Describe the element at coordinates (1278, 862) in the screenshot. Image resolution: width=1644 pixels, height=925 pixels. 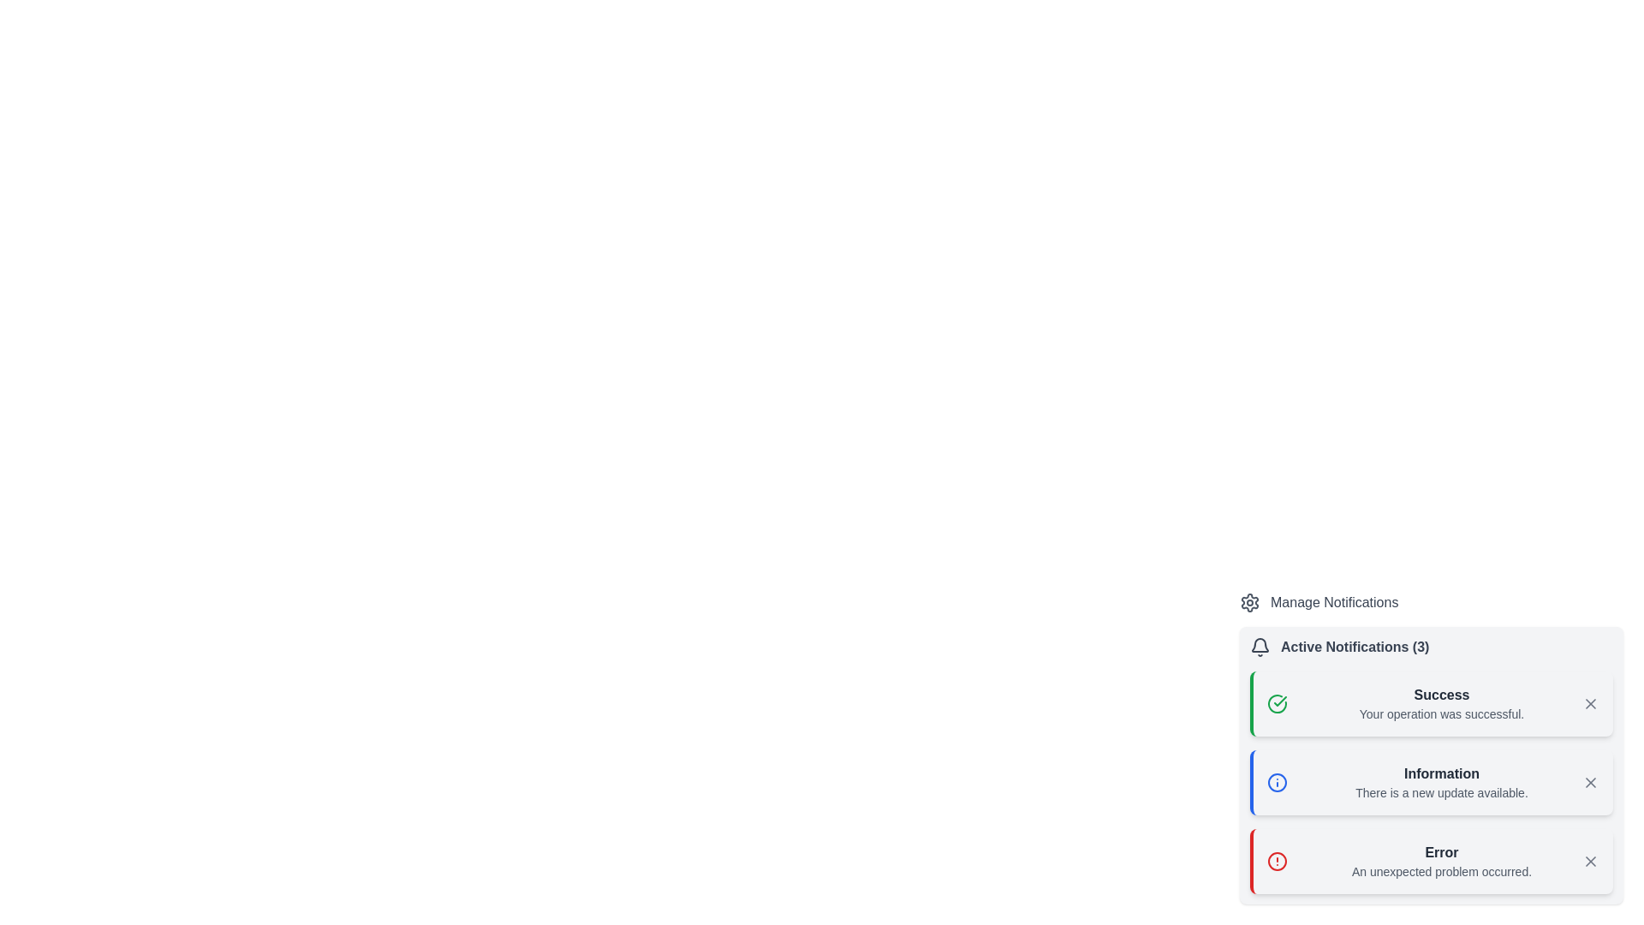
I see `the circular graphic element inside the red-bordered 'Error' notification icon, which is part of the notification list indicating an unexpected problem occurred` at that location.